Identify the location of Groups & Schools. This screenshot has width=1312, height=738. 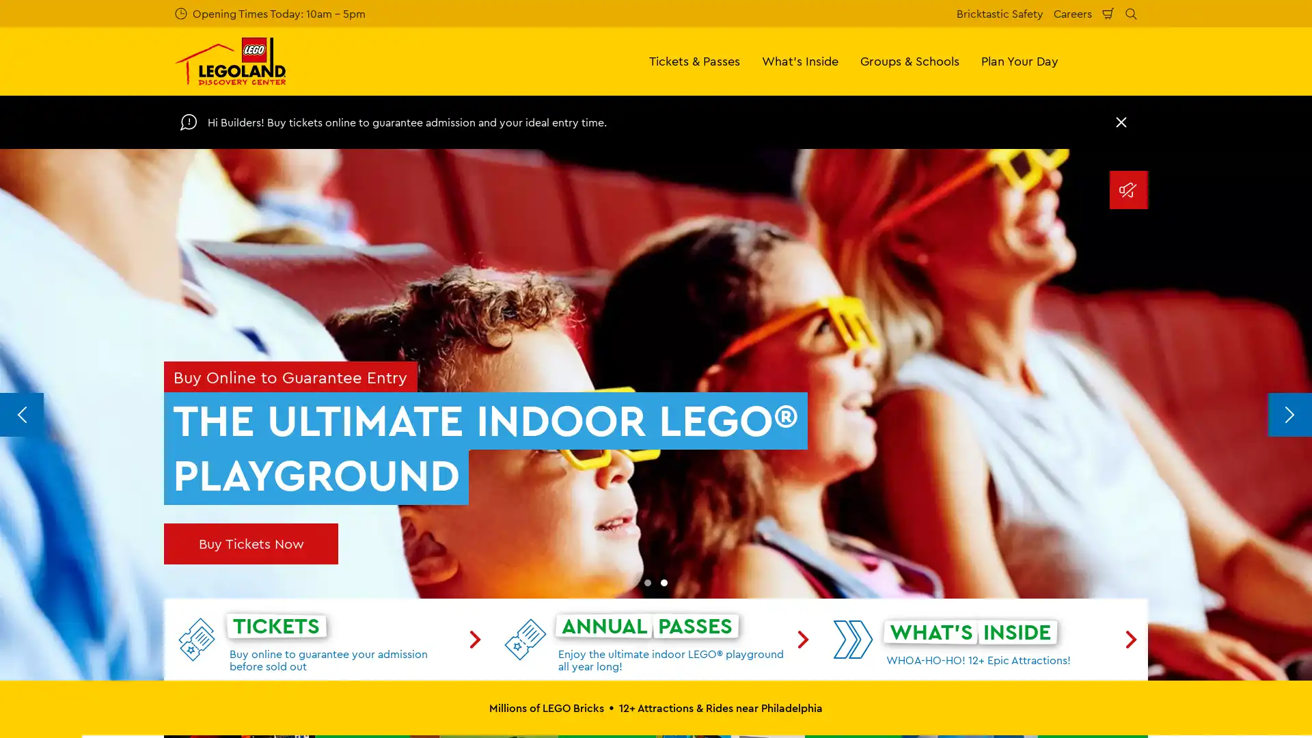
(910, 60).